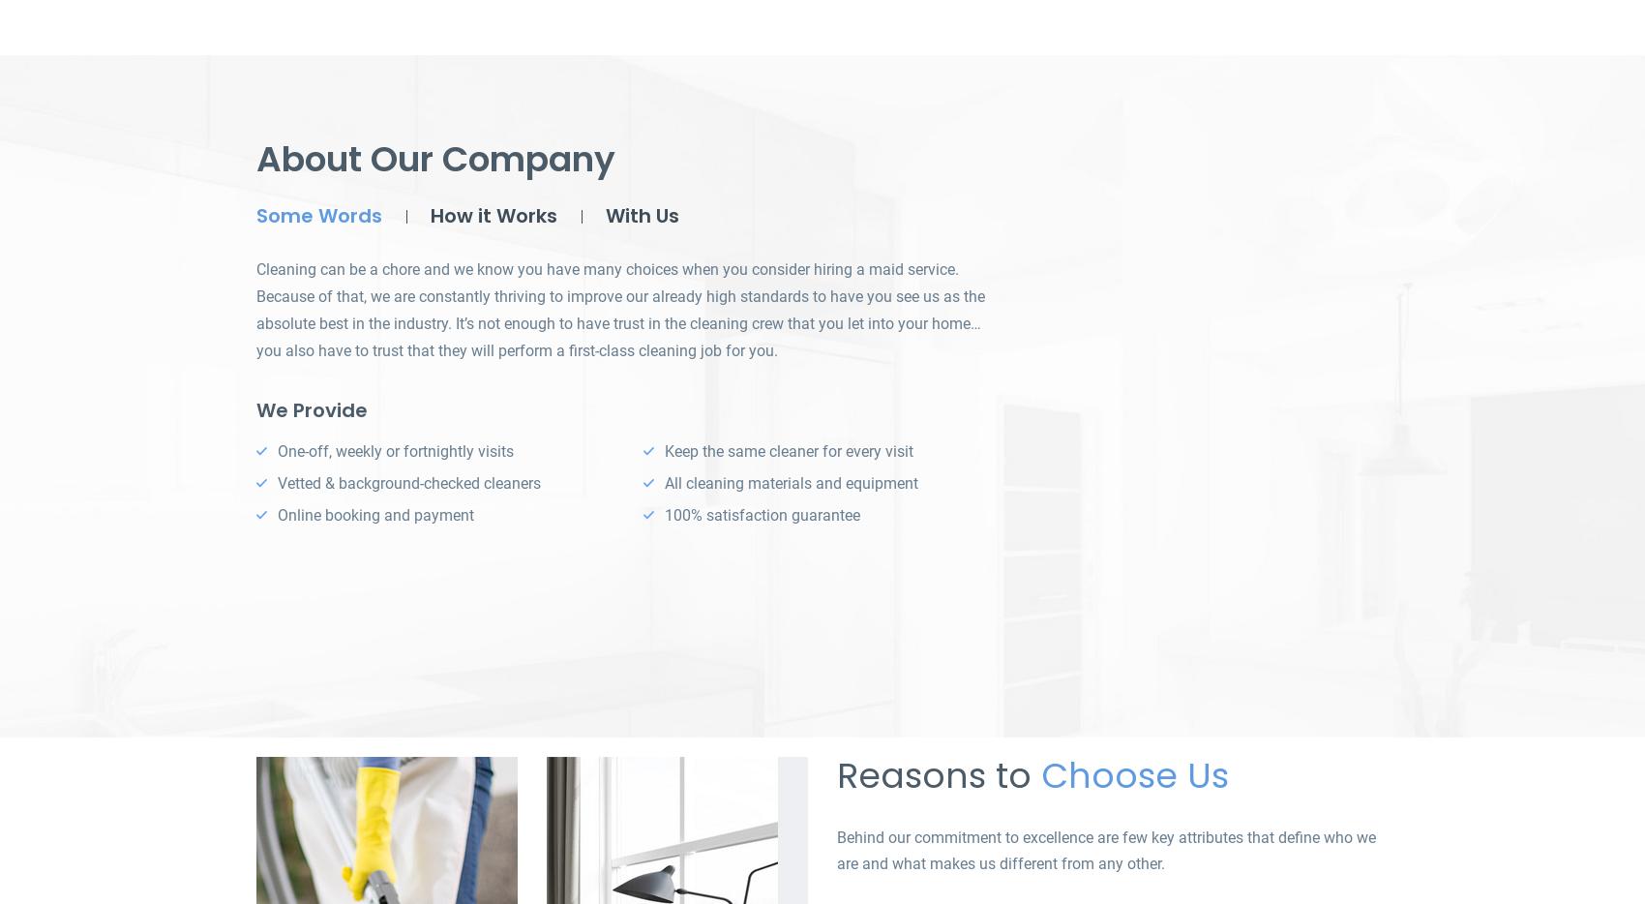 Image resolution: width=1645 pixels, height=904 pixels. What do you see at coordinates (788, 451) in the screenshot?
I see `'Keep the same cleaner for every visit'` at bounding box center [788, 451].